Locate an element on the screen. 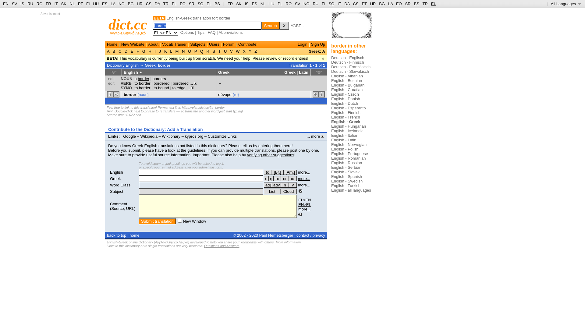 The height and width of the screenshot is (329, 585). 'EN>EL' is located at coordinates (304, 204).